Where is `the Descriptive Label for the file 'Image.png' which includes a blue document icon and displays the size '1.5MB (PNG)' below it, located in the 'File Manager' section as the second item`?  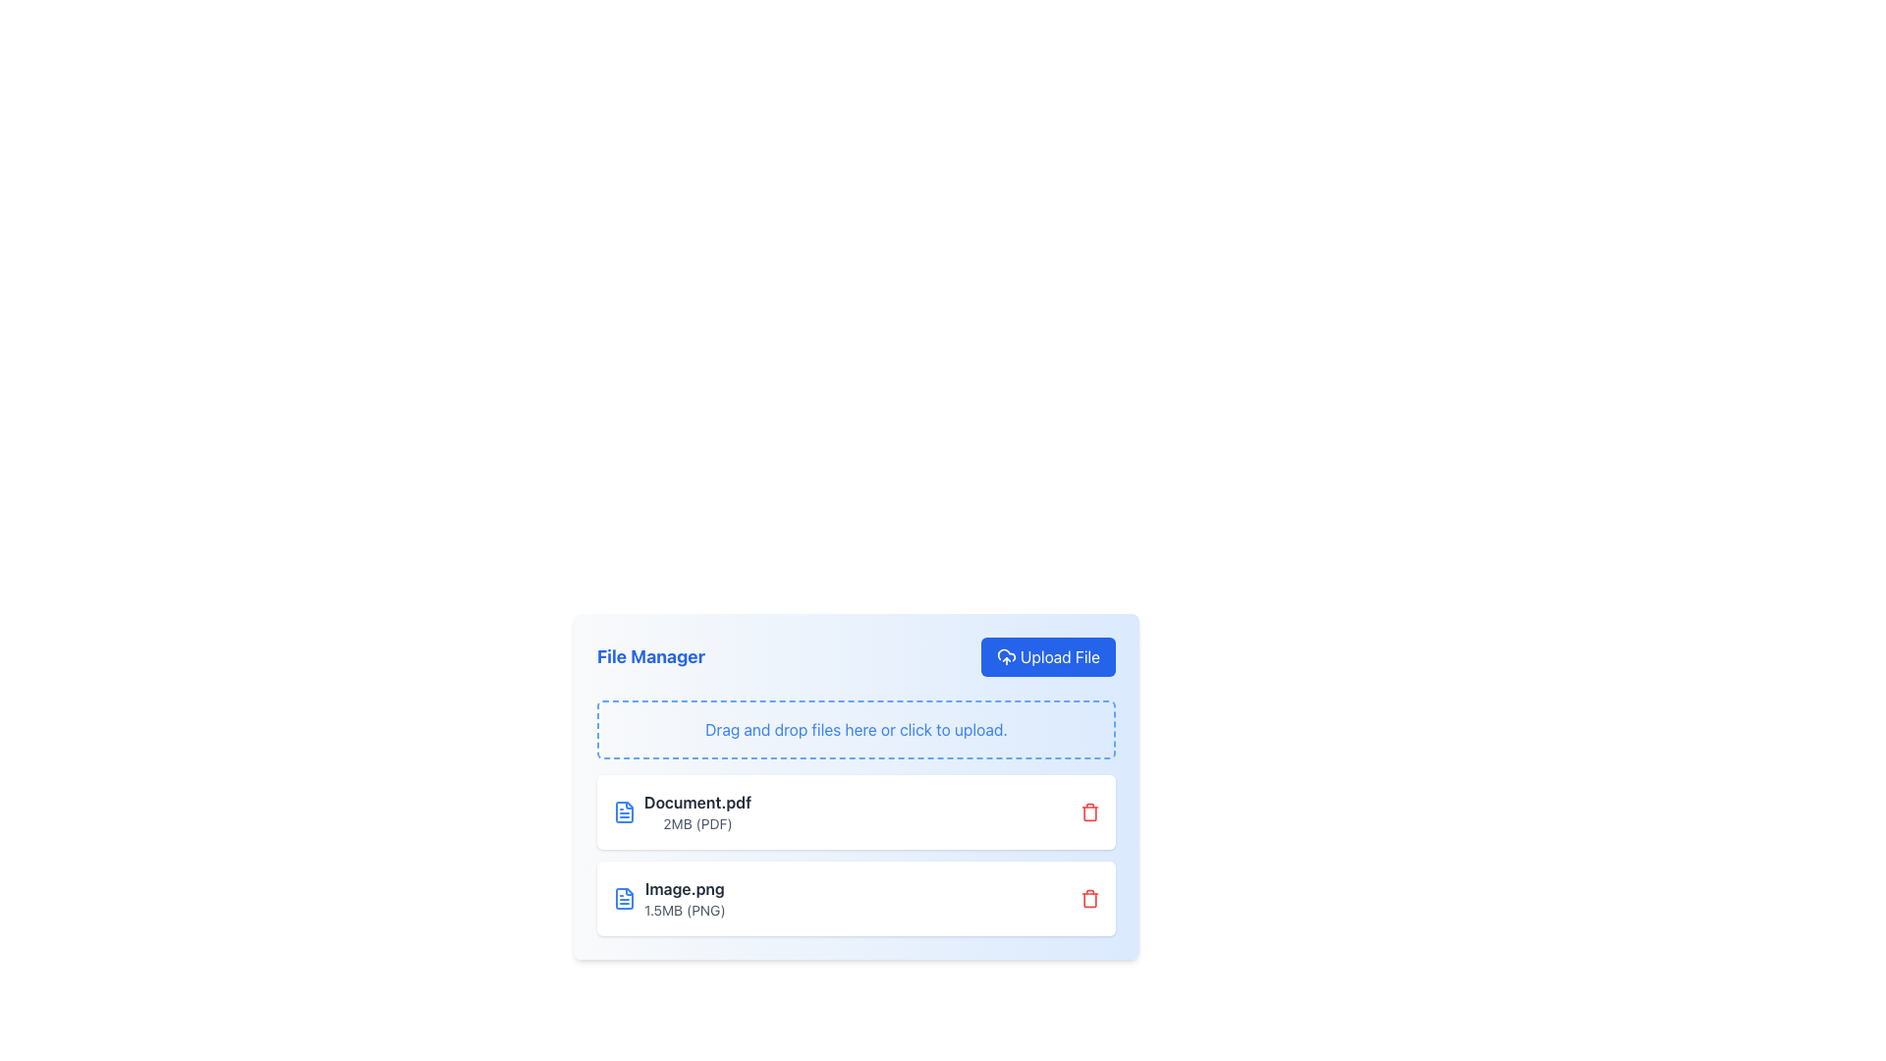 the Descriptive Label for the file 'Image.png' which includes a blue document icon and displays the size '1.5MB (PNG)' below it, located in the 'File Manager' section as the second item is located at coordinates (669, 898).